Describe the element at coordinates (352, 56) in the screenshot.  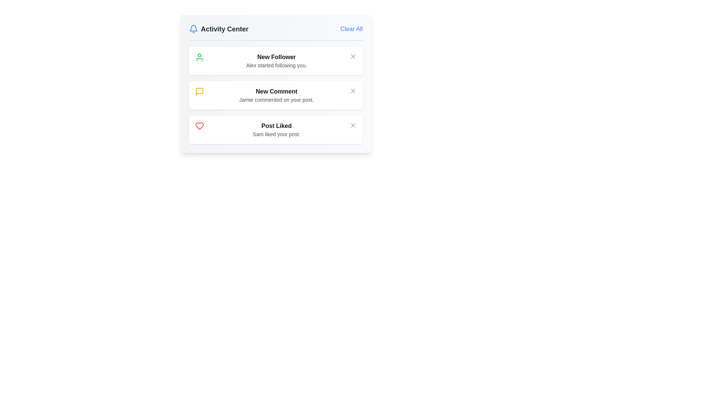
I see `the Close (X) icon rendered as SVG graphics located to the far right of the 'New Follower' notification entry` at that location.